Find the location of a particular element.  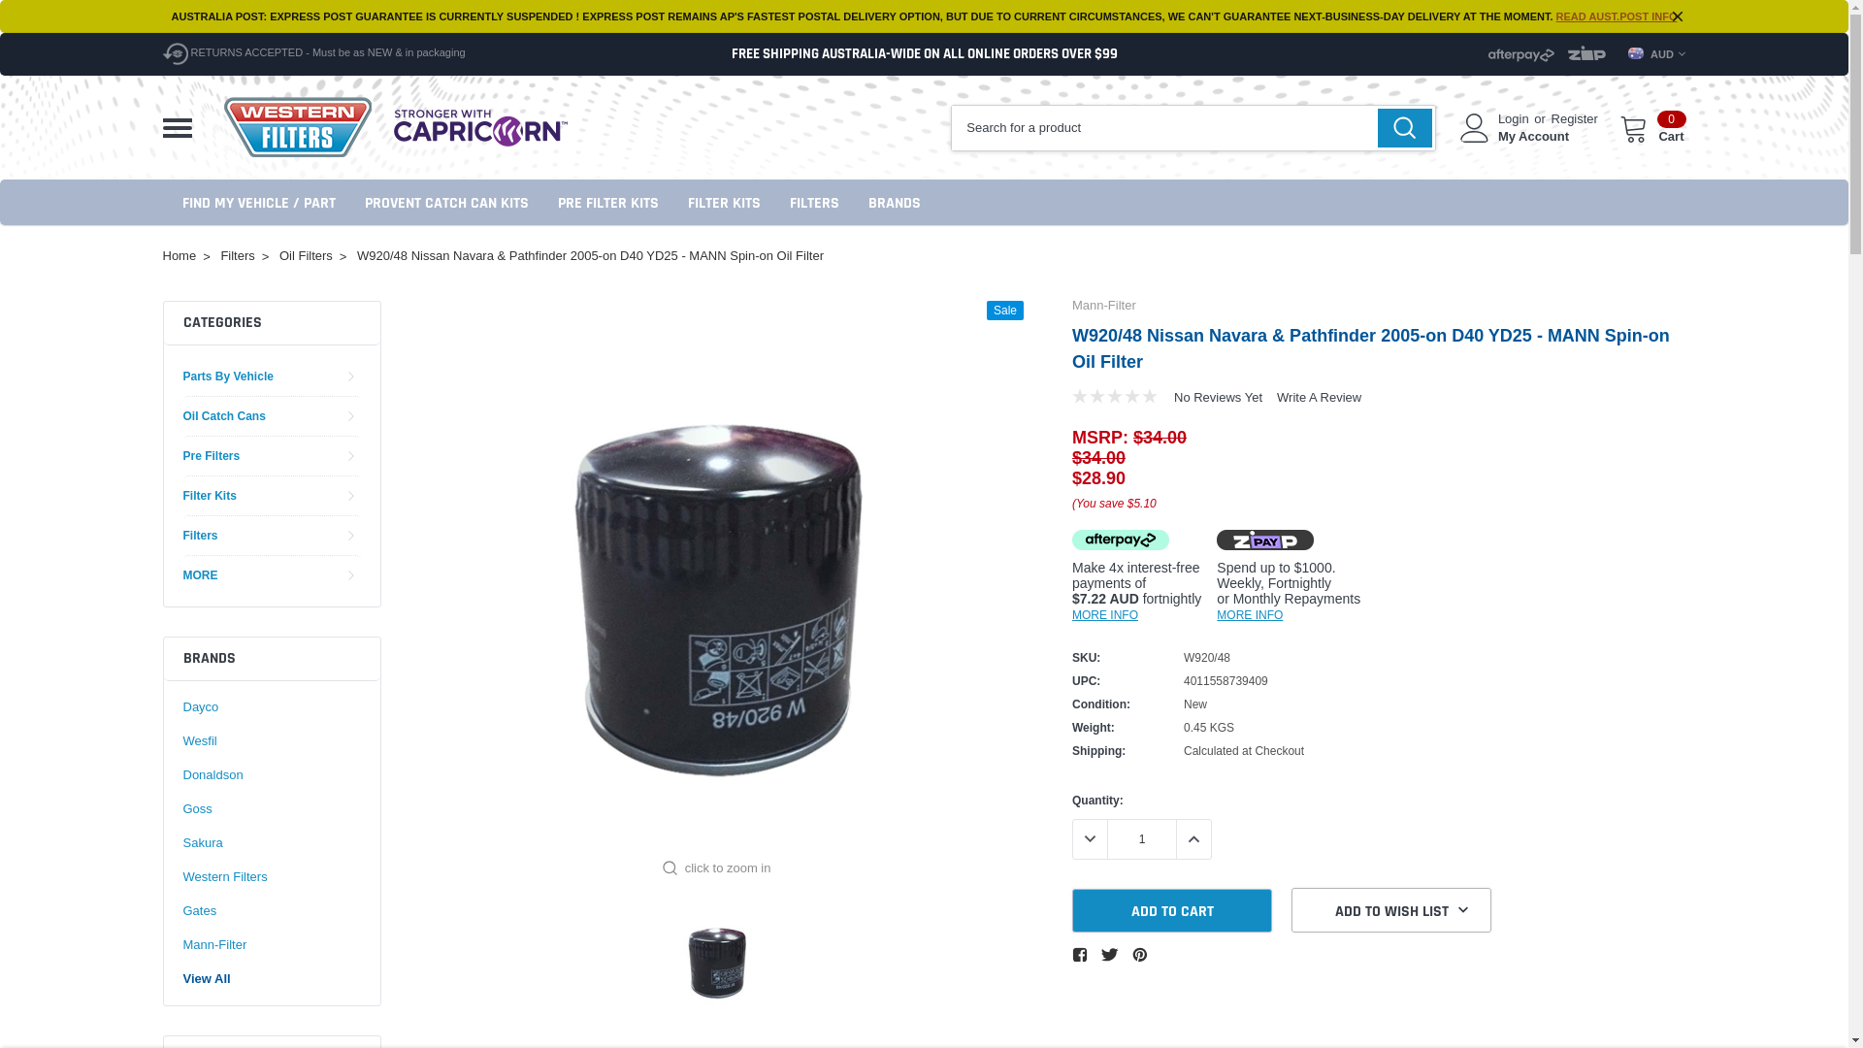

'Add to Cart' is located at coordinates (1070, 910).